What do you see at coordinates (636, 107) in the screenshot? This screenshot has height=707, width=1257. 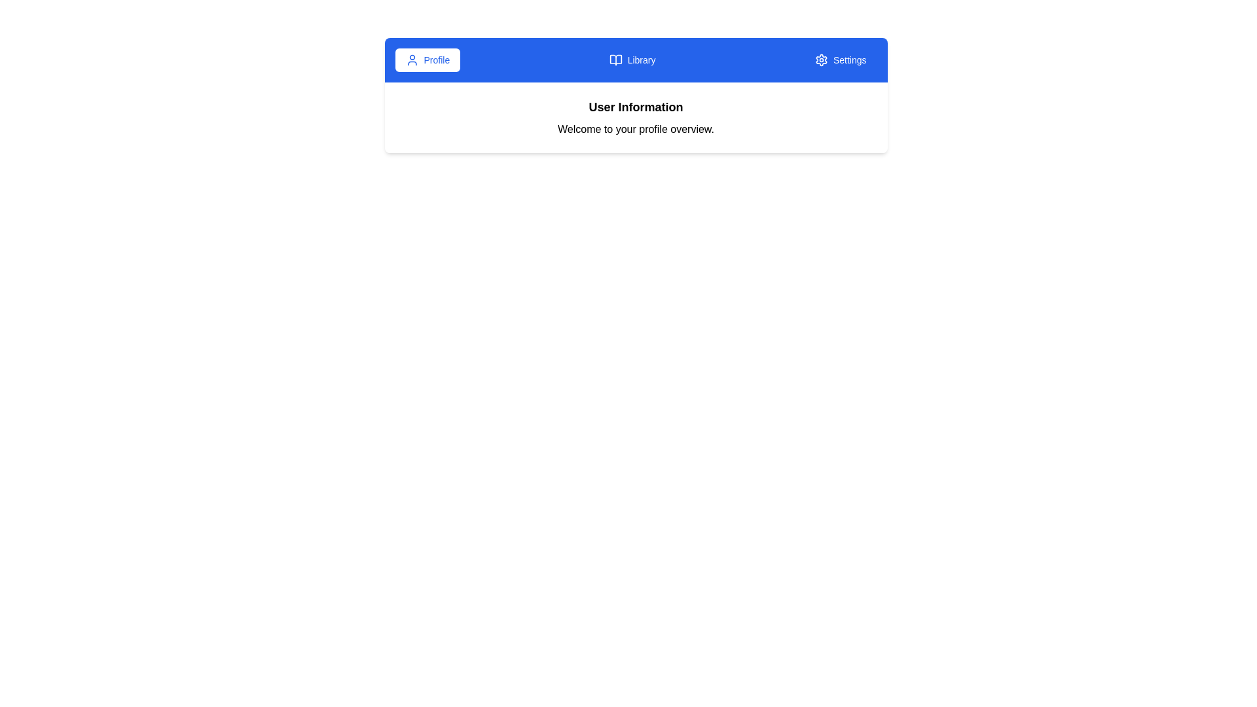 I see `the header text label that introduces the section content, positioned centrally above the 'Welcome to your profile overview' text` at bounding box center [636, 107].